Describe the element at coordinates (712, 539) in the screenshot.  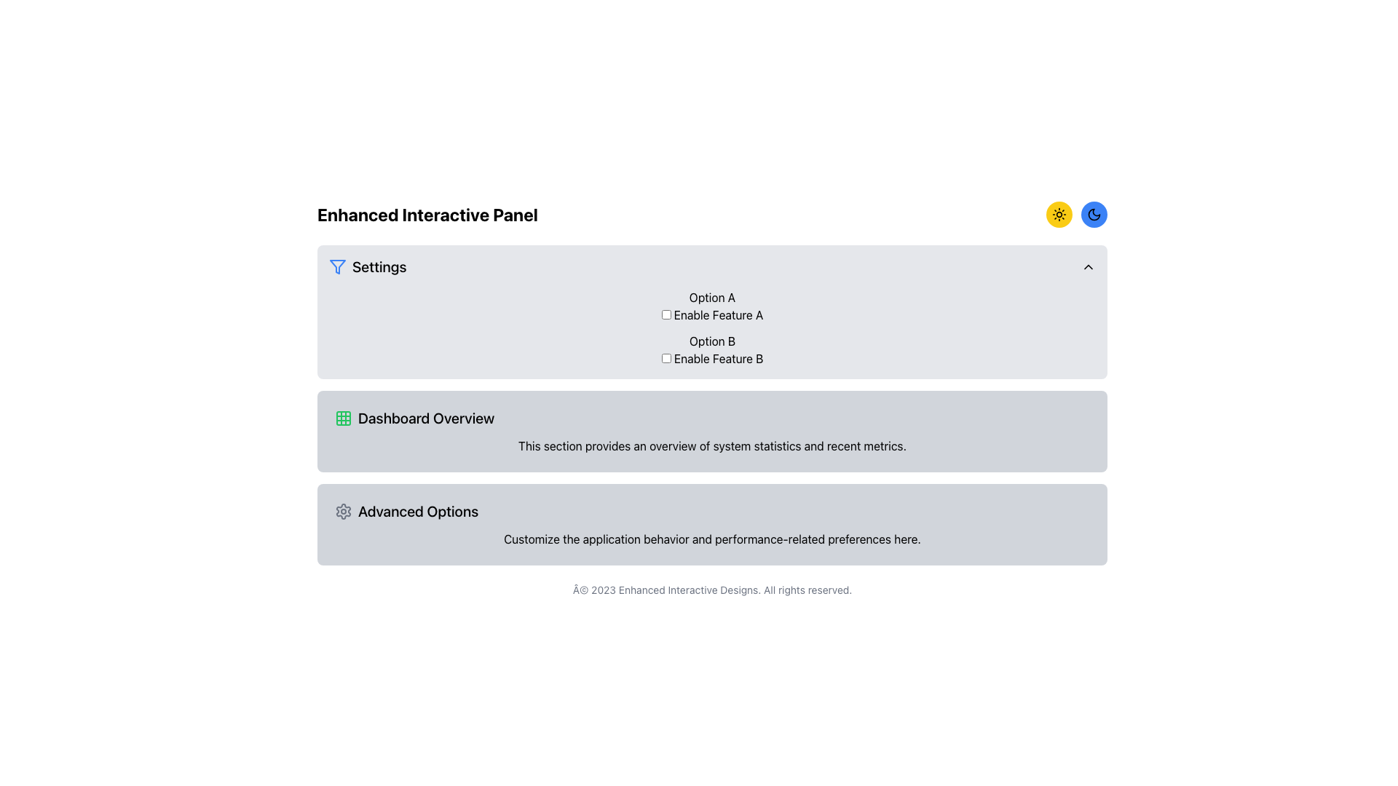
I see `the descriptive Text Label in the 'Advanced Options' section, located directly below the section's title and to the right of its associated icon` at that location.